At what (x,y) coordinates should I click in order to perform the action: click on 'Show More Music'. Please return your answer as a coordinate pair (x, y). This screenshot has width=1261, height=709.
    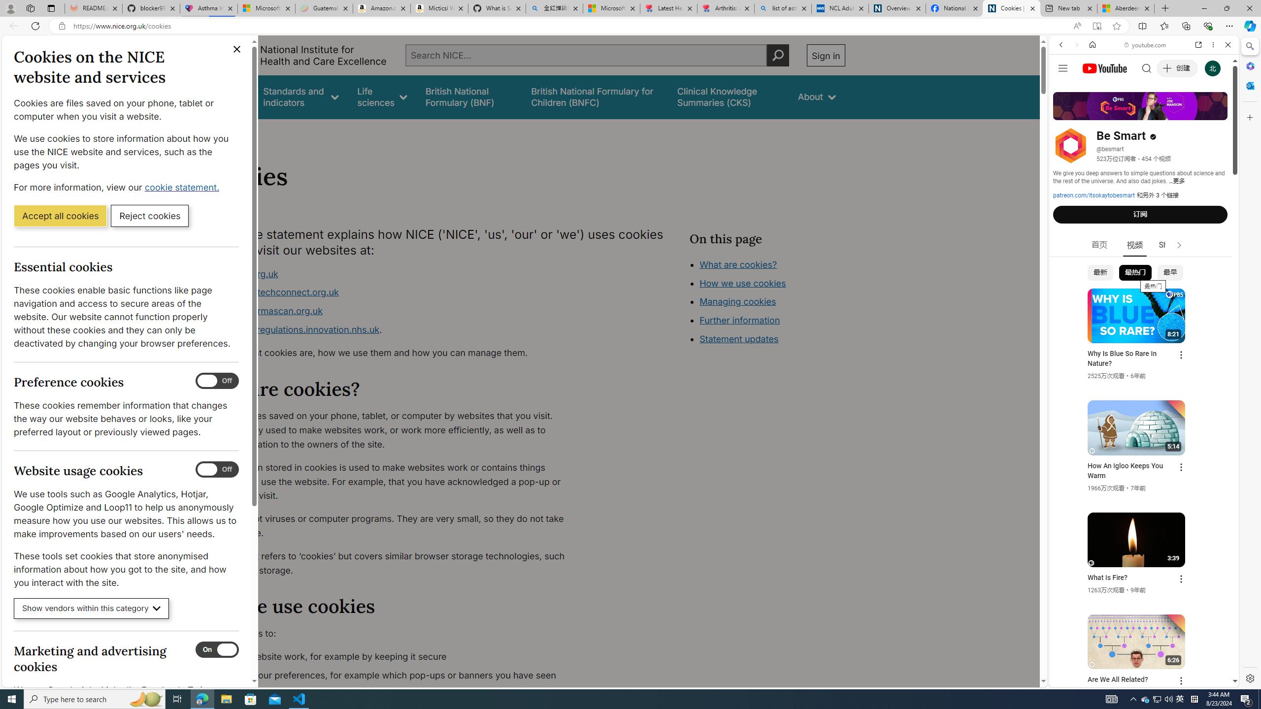
    Looking at the image, I should click on (1203, 268).